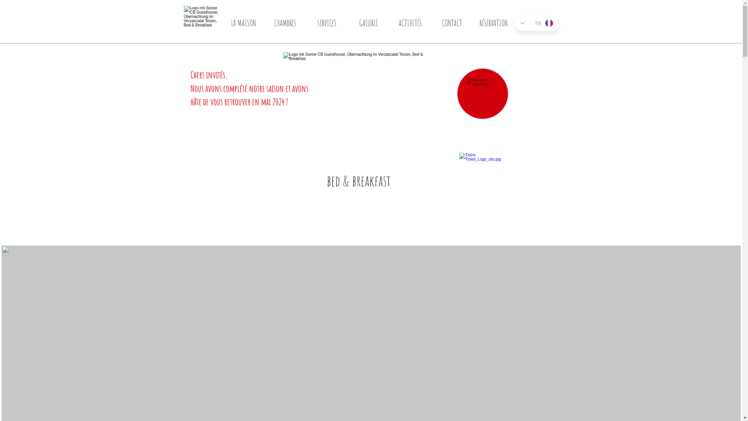 The width and height of the screenshot is (748, 421). What do you see at coordinates (452, 25) in the screenshot?
I see `'CONTACT'` at bounding box center [452, 25].